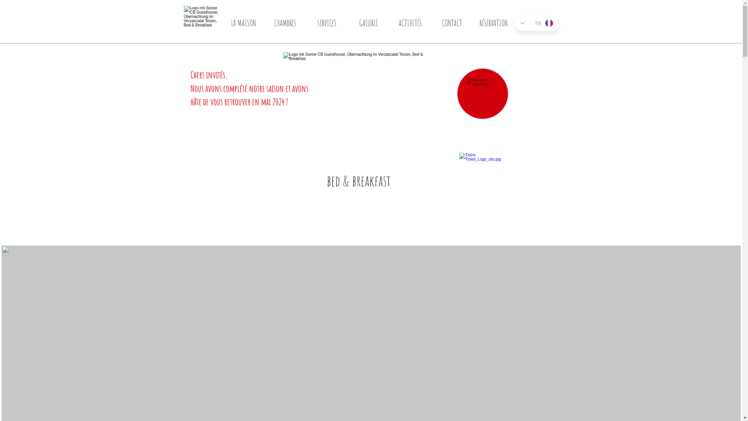 The width and height of the screenshot is (748, 421). What do you see at coordinates (452, 25) in the screenshot?
I see `'CONTACT'` at bounding box center [452, 25].